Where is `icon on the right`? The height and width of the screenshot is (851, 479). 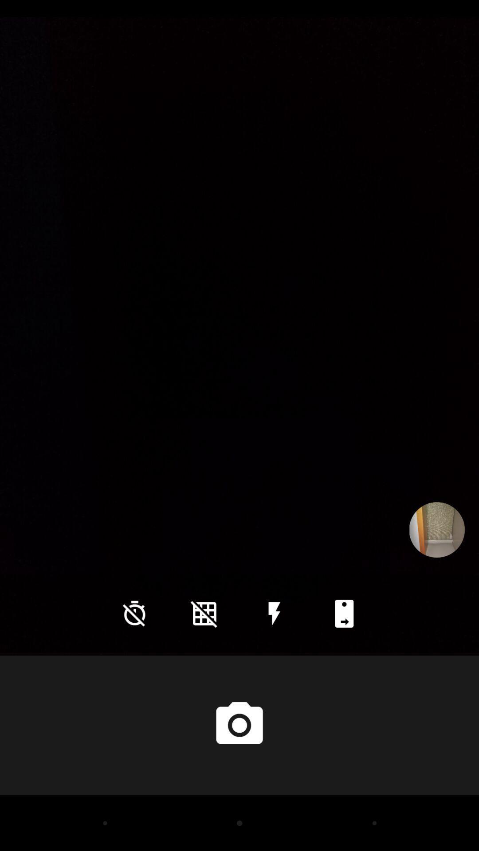
icon on the right is located at coordinates (436, 530).